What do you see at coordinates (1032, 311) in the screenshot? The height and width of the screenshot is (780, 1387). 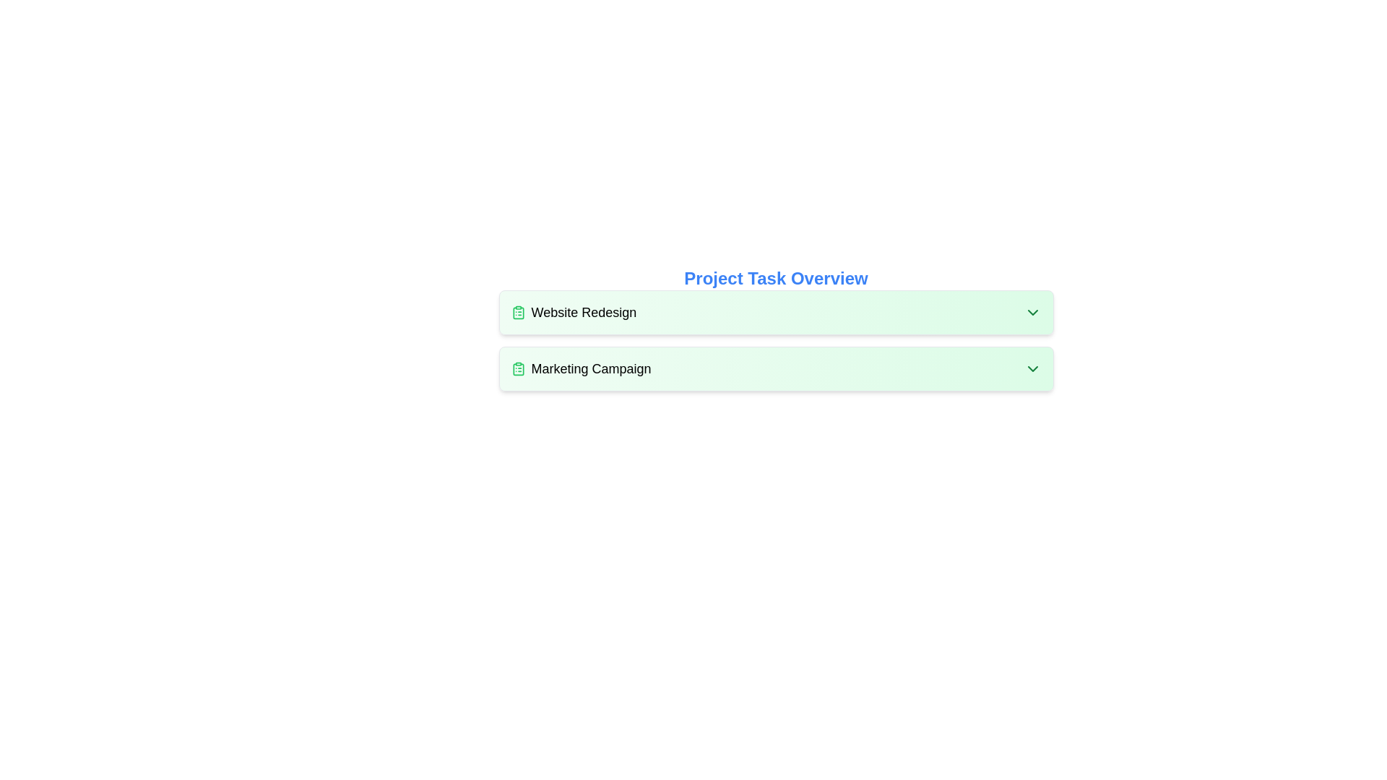 I see `the icon that activates the dropdown for 'Website Redesign'` at bounding box center [1032, 311].